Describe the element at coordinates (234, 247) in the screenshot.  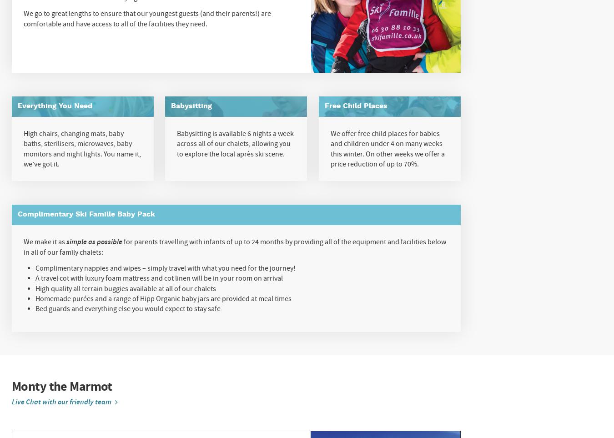
I see `'for parents travelling with infants of up to 24 months by providing all of the equipment and facilities below in all of our family chalets:'` at that location.